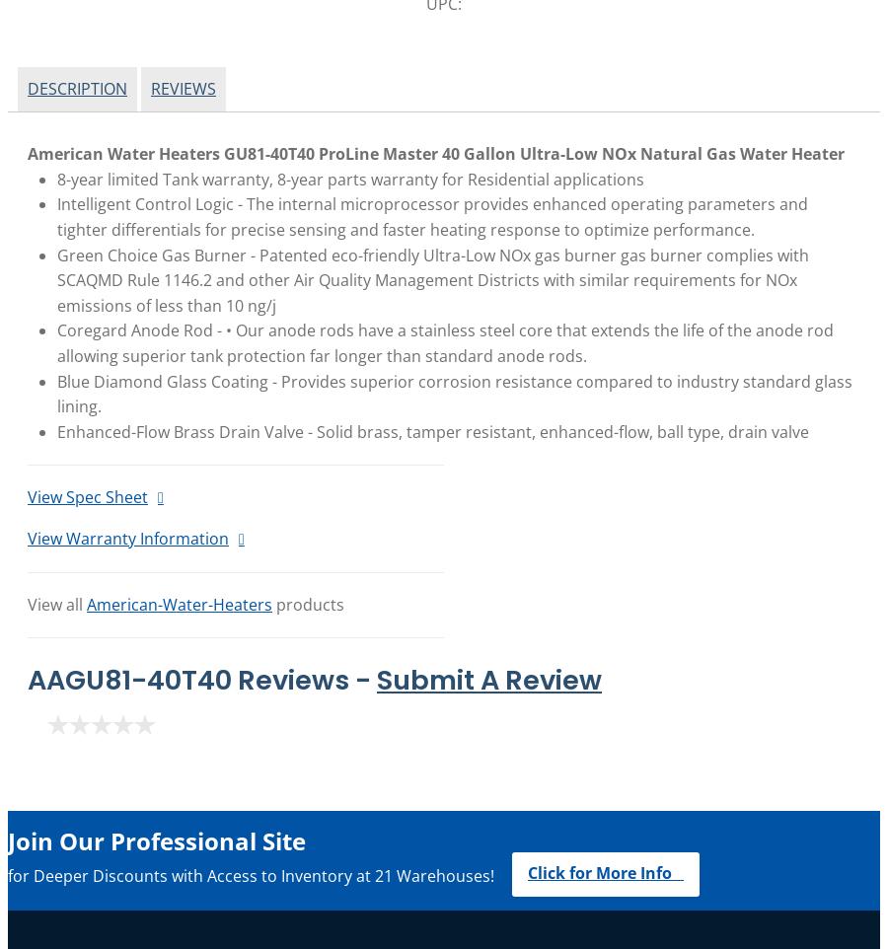 The height and width of the screenshot is (949, 888). Describe the element at coordinates (453, 393) in the screenshot. I see `'Blue Diamond Glass Coating - Provides superior corrosion resistance compared to industry standard glass lining.'` at that location.